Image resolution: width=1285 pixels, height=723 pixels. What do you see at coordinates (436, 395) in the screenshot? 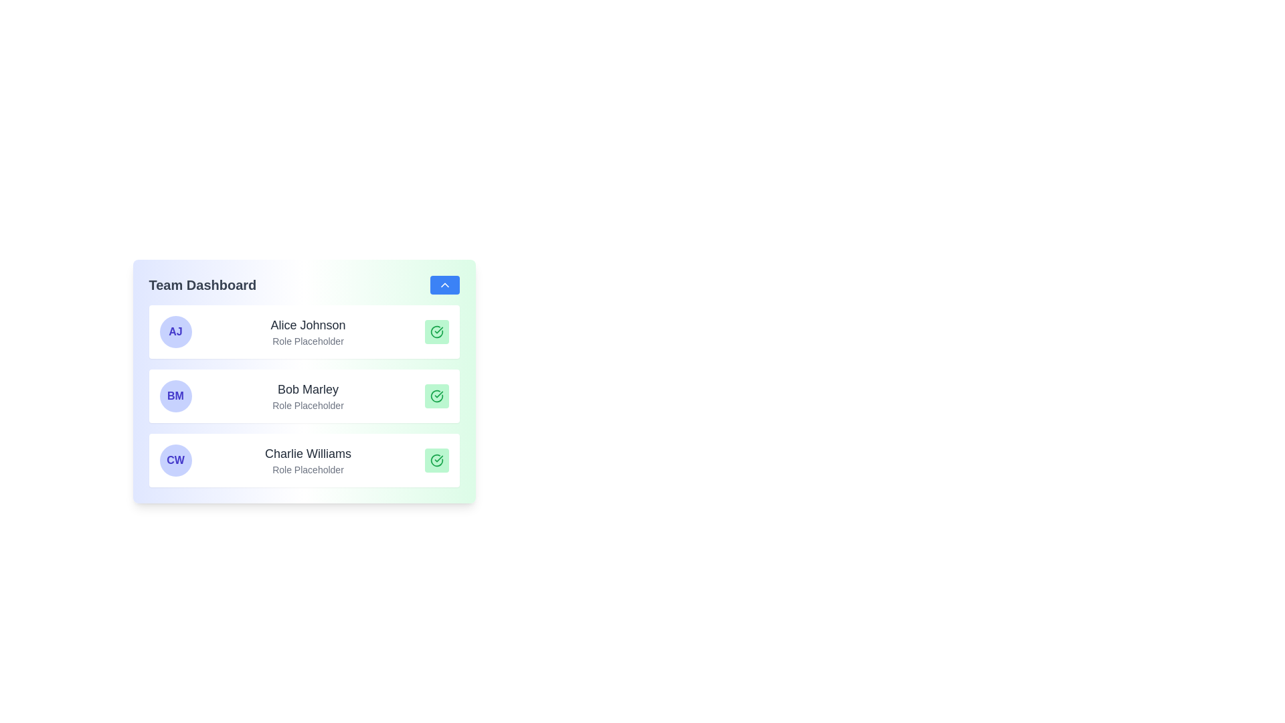
I see `the middle checkmark icon indicating the completion or validity of an action related to 'Bob Marley', positioned within a vertically arranged list of icons` at bounding box center [436, 395].